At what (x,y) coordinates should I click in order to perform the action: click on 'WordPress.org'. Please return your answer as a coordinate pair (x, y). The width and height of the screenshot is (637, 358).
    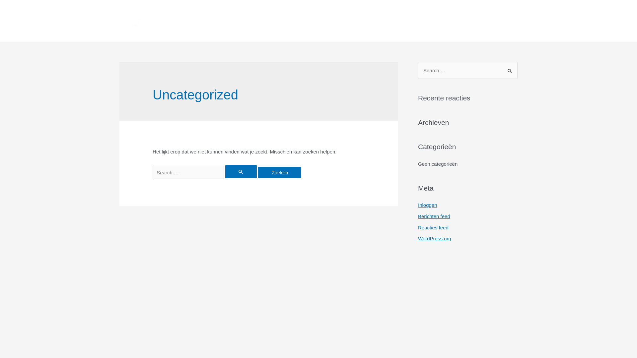
    Looking at the image, I should click on (435, 238).